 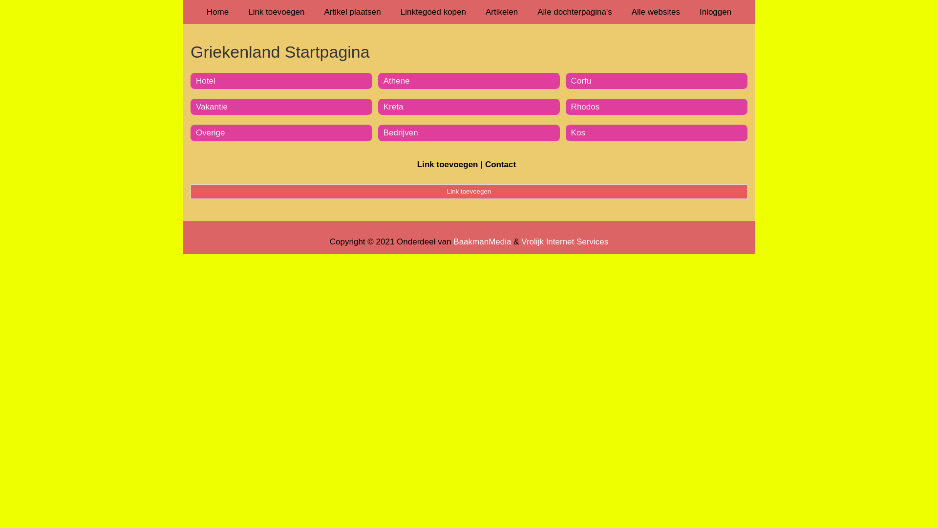 What do you see at coordinates (565, 242) in the screenshot?
I see `'Vrolijk Internet Services'` at bounding box center [565, 242].